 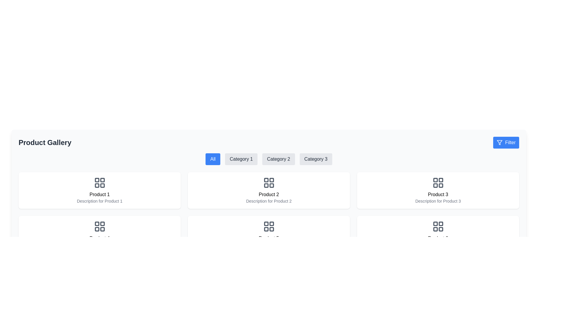 What do you see at coordinates (499, 142) in the screenshot?
I see `the filter icon located near the top-right corner of the interface, to the left of the word 'Filter'` at bounding box center [499, 142].